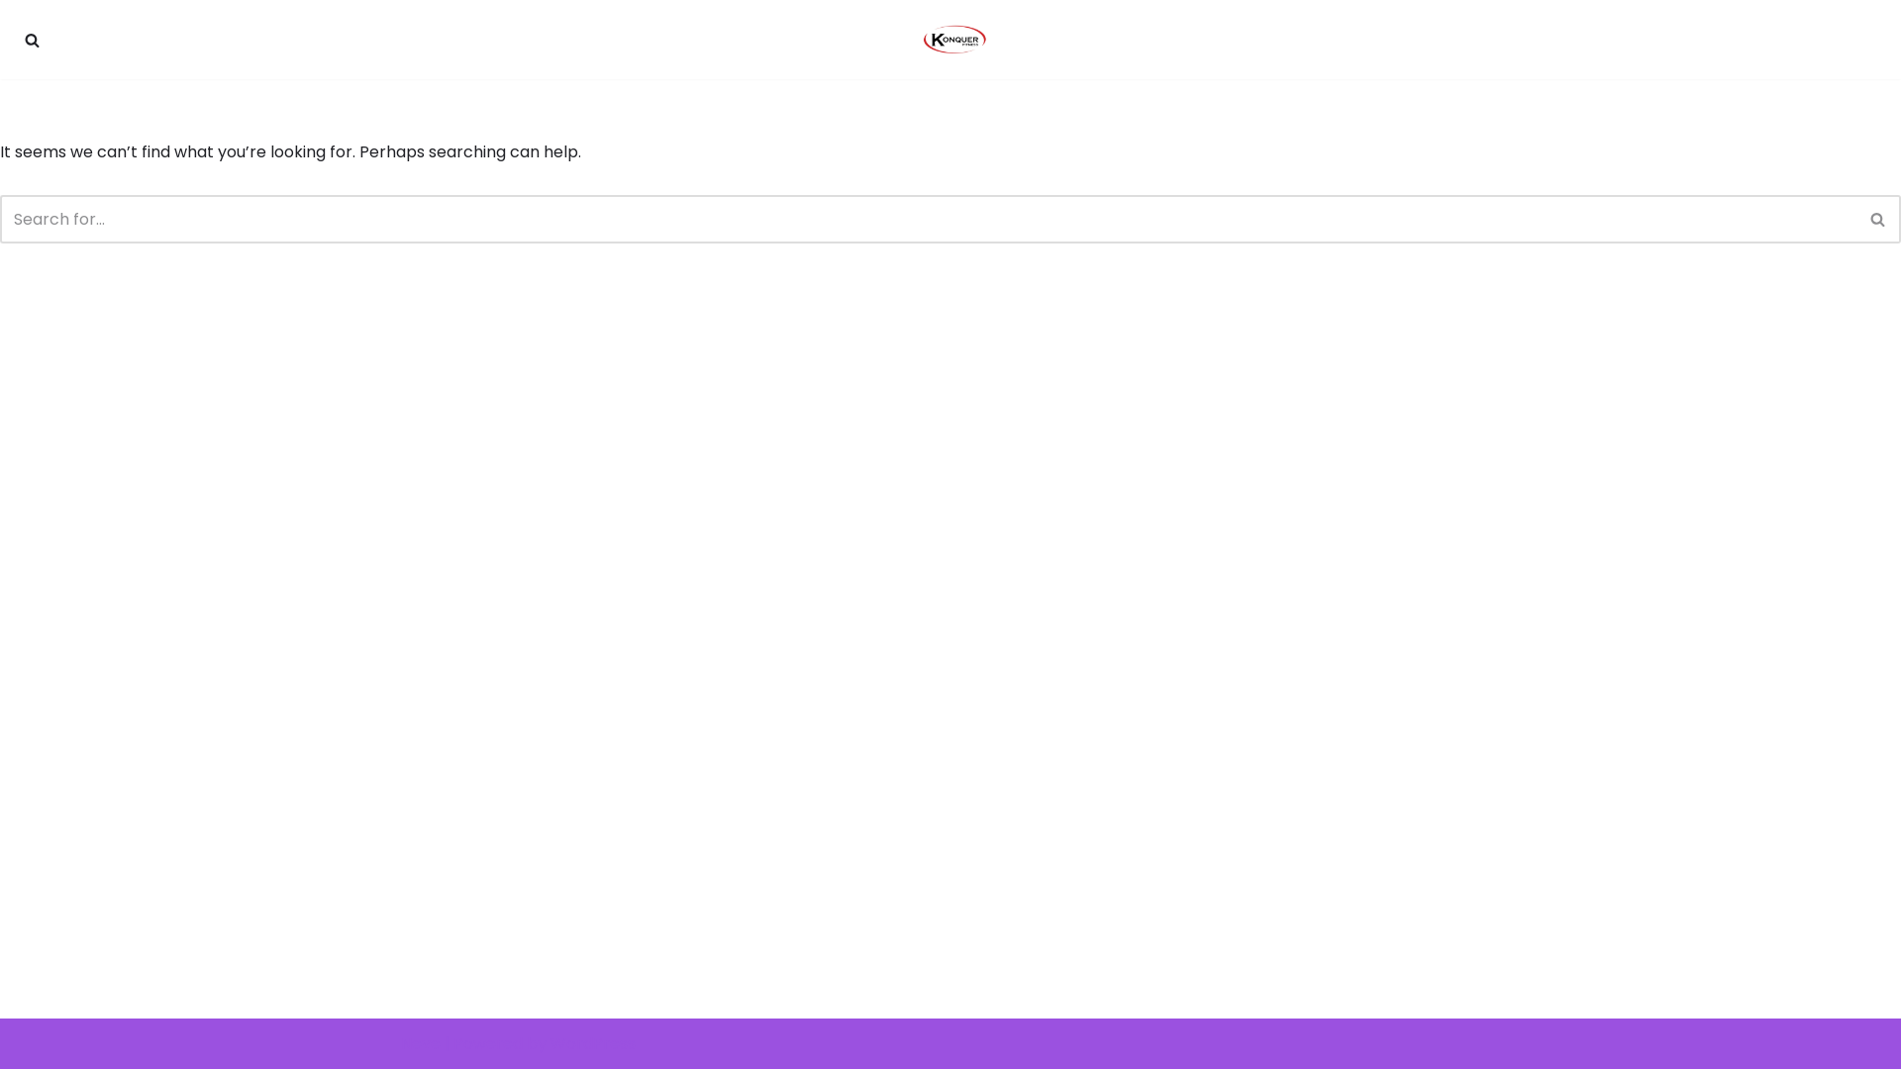 This screenshot has width=1901, height=1069. I want to click on 'Skip to content', so click(14, 42).